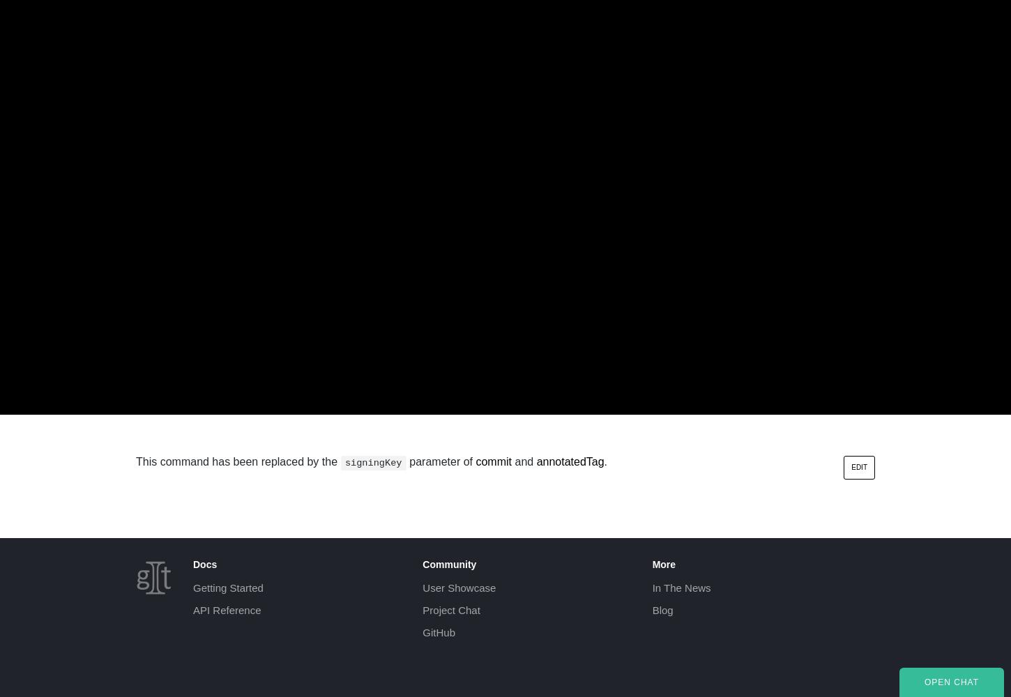 The width and height of the screenshot is (1011, 697). Describe the element at coordinates (205, 564) in the screenshot. I see `'Docs'` at that location.